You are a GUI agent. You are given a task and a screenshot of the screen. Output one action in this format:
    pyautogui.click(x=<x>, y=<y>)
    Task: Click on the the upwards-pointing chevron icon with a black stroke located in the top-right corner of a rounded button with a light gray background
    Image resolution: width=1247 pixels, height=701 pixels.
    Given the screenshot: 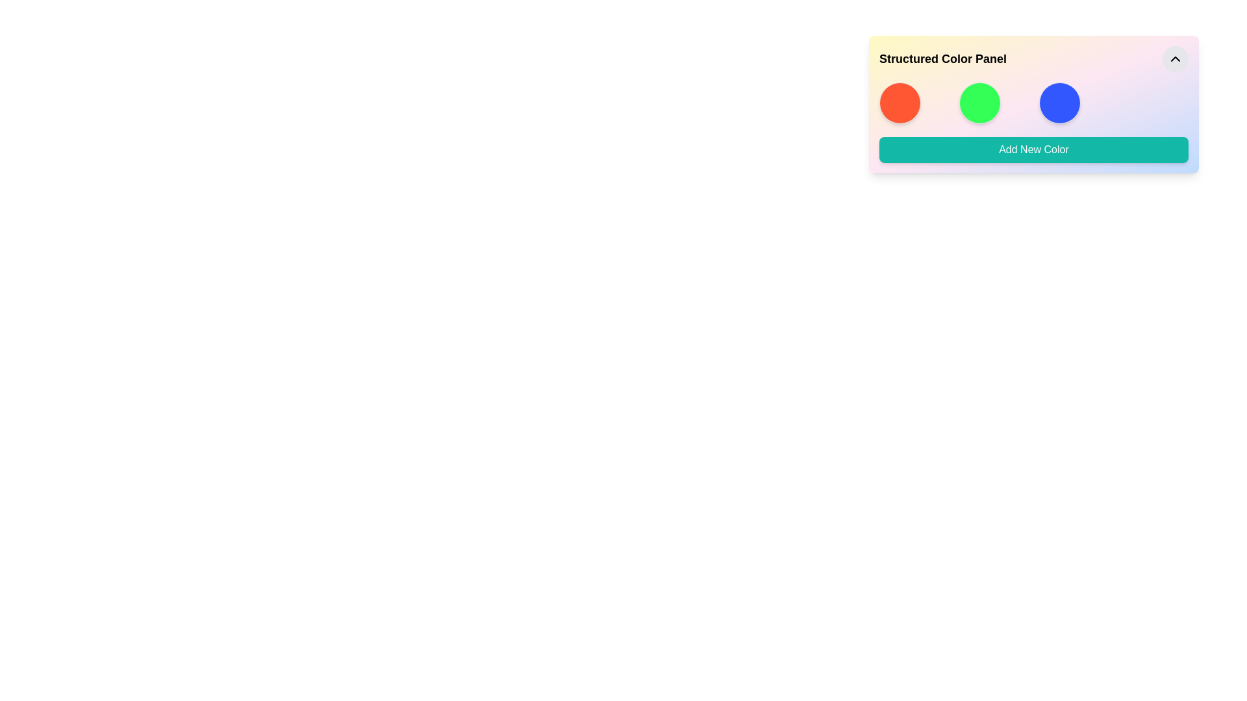 What is the action you would take?
    pyautogui.click(x=1175, y=59)
    